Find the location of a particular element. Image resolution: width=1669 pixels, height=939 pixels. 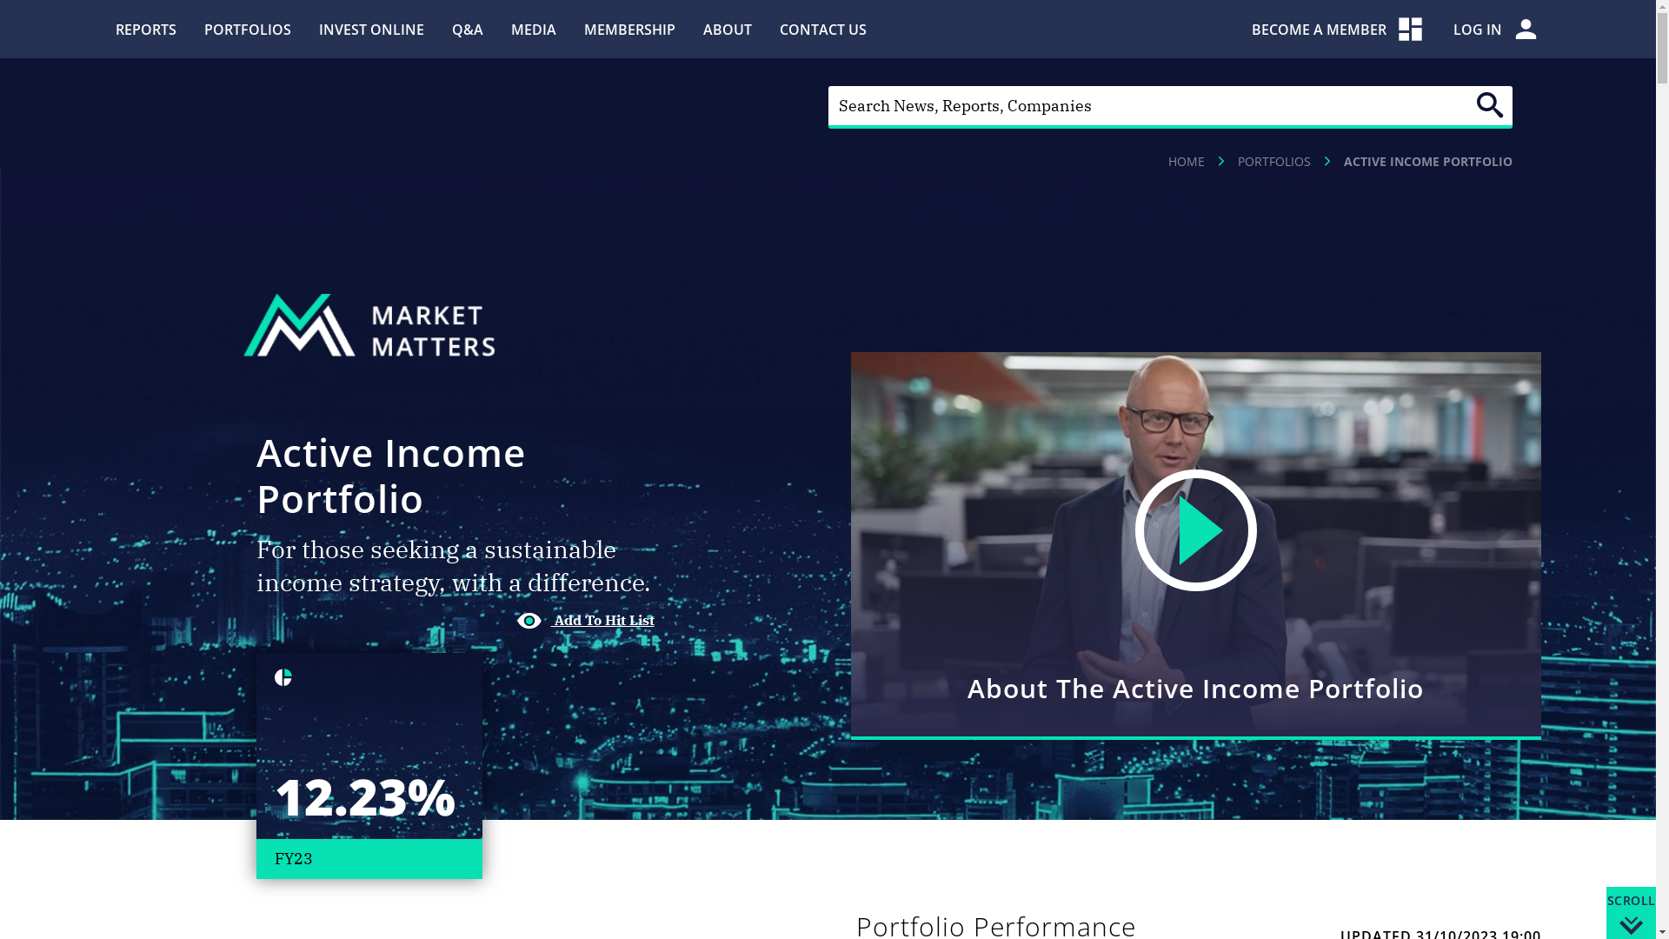

'BECOME A MEMBER' is located at coordinates (1252, 29).